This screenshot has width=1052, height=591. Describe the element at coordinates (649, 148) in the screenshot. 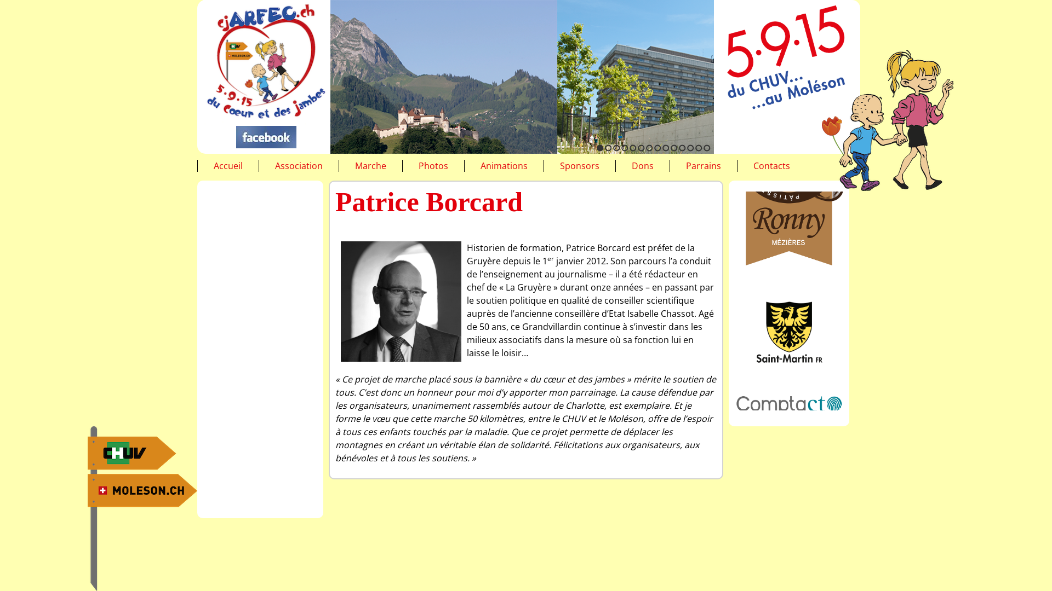

I see `'7'` at that location.